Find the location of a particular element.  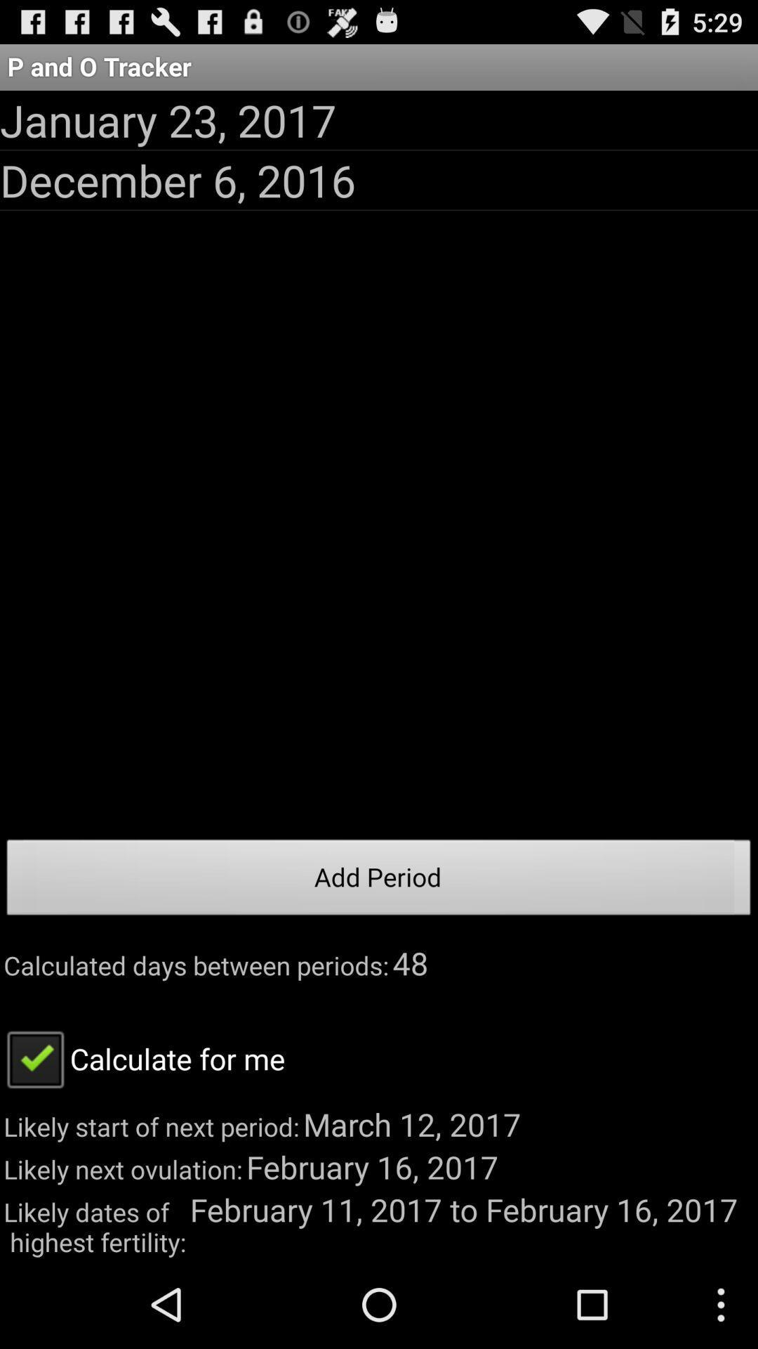

the december 6, 2016 icon is located at coordinates (177, 179).